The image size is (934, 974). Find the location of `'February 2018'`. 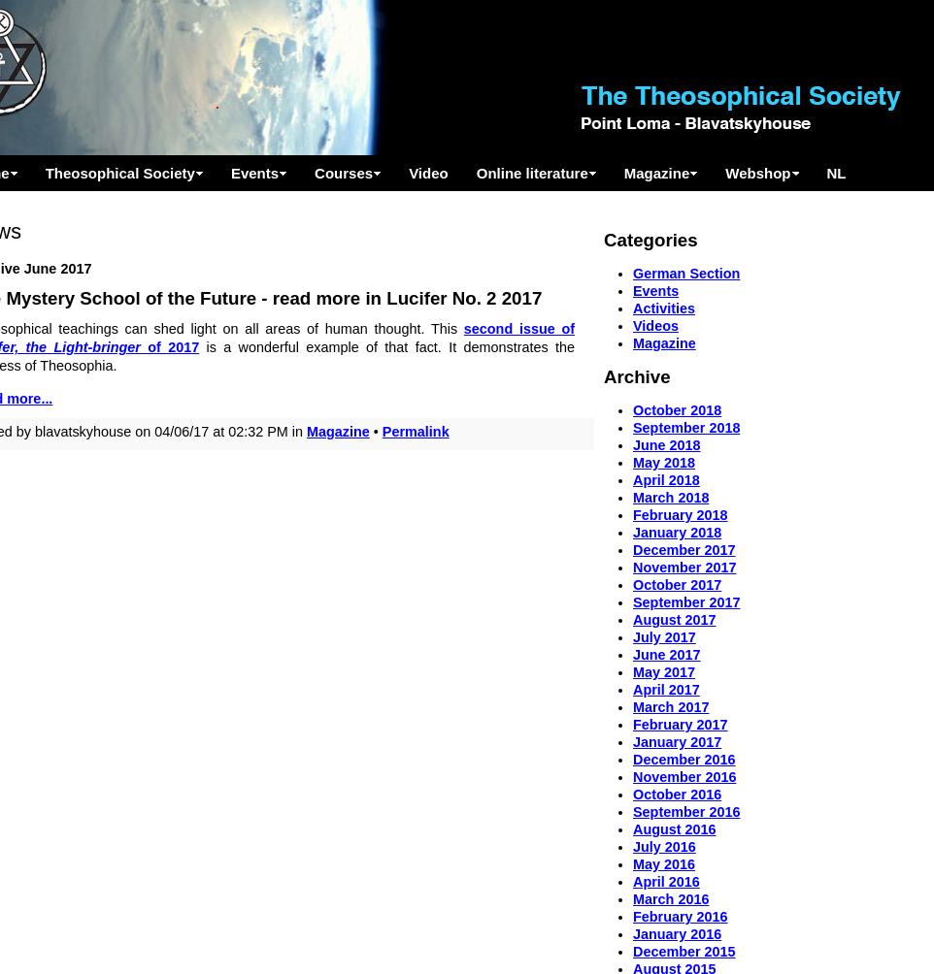

'February 2018' is located at coordinates (679, 515).